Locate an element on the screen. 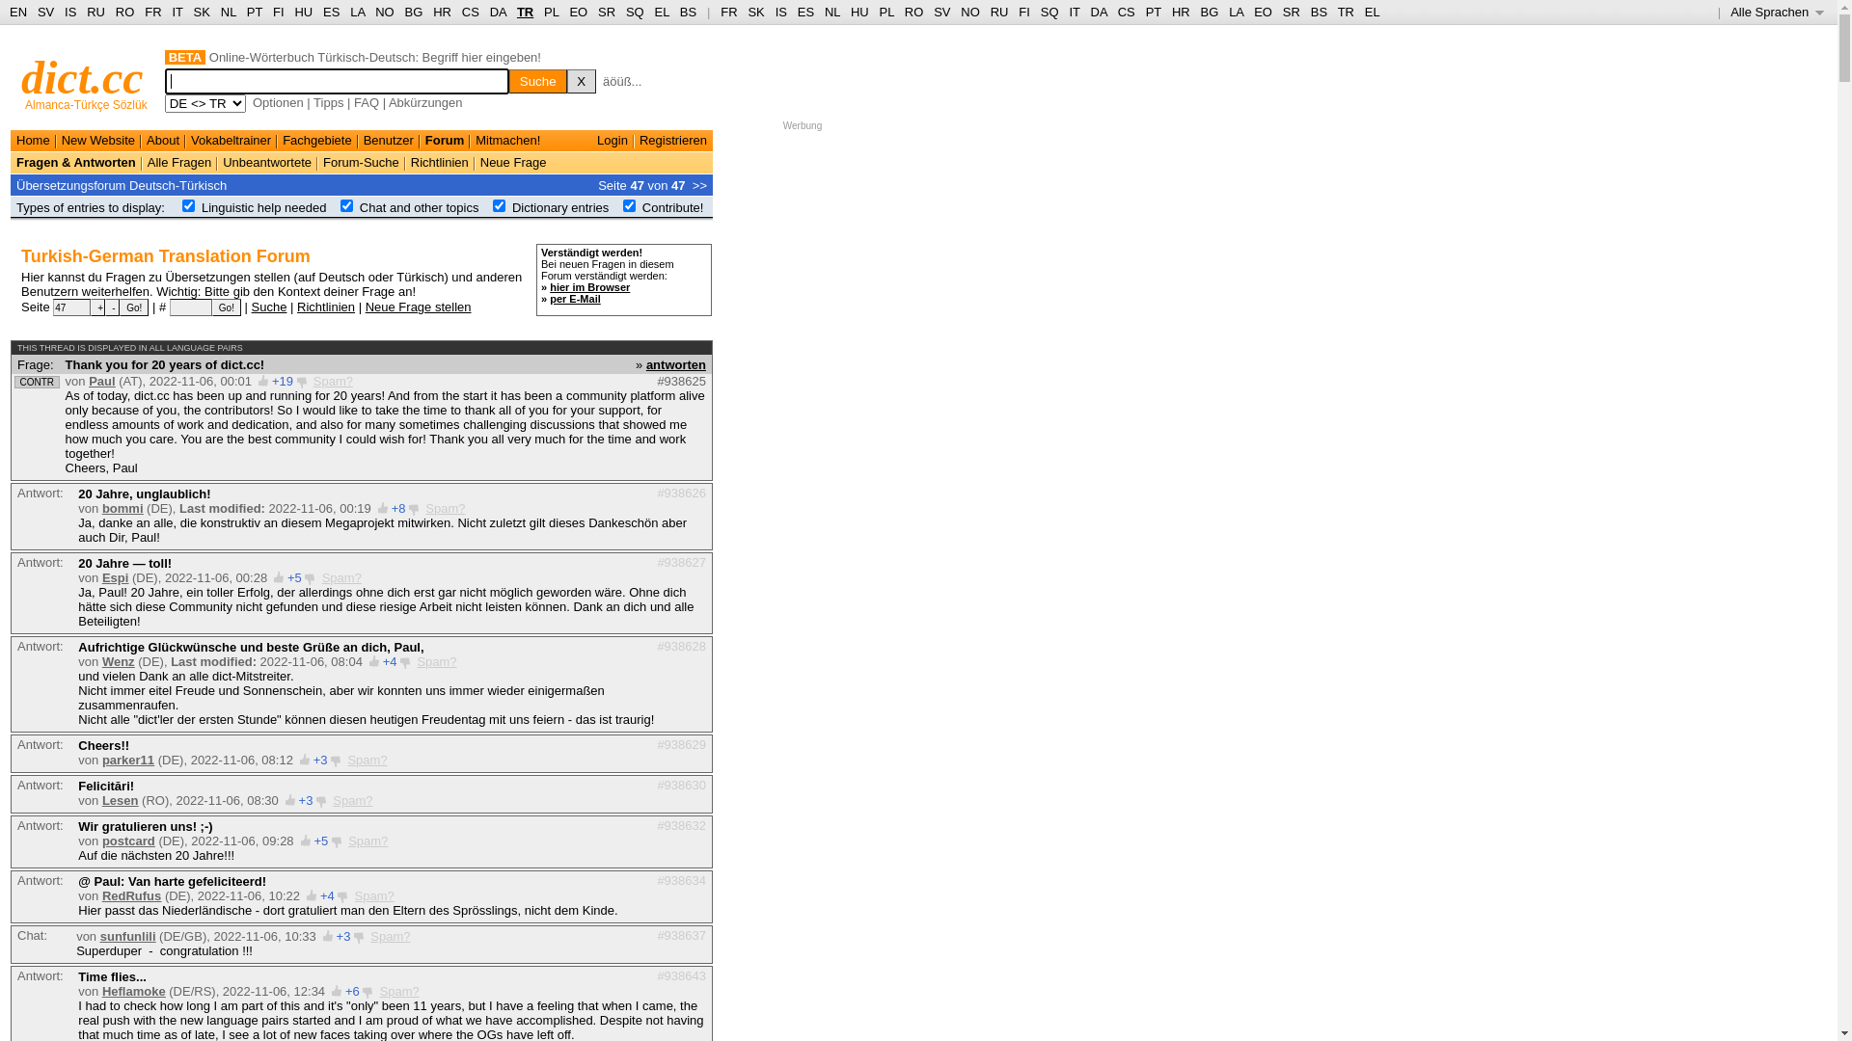  'CS' is located at coordinates (471, 12).